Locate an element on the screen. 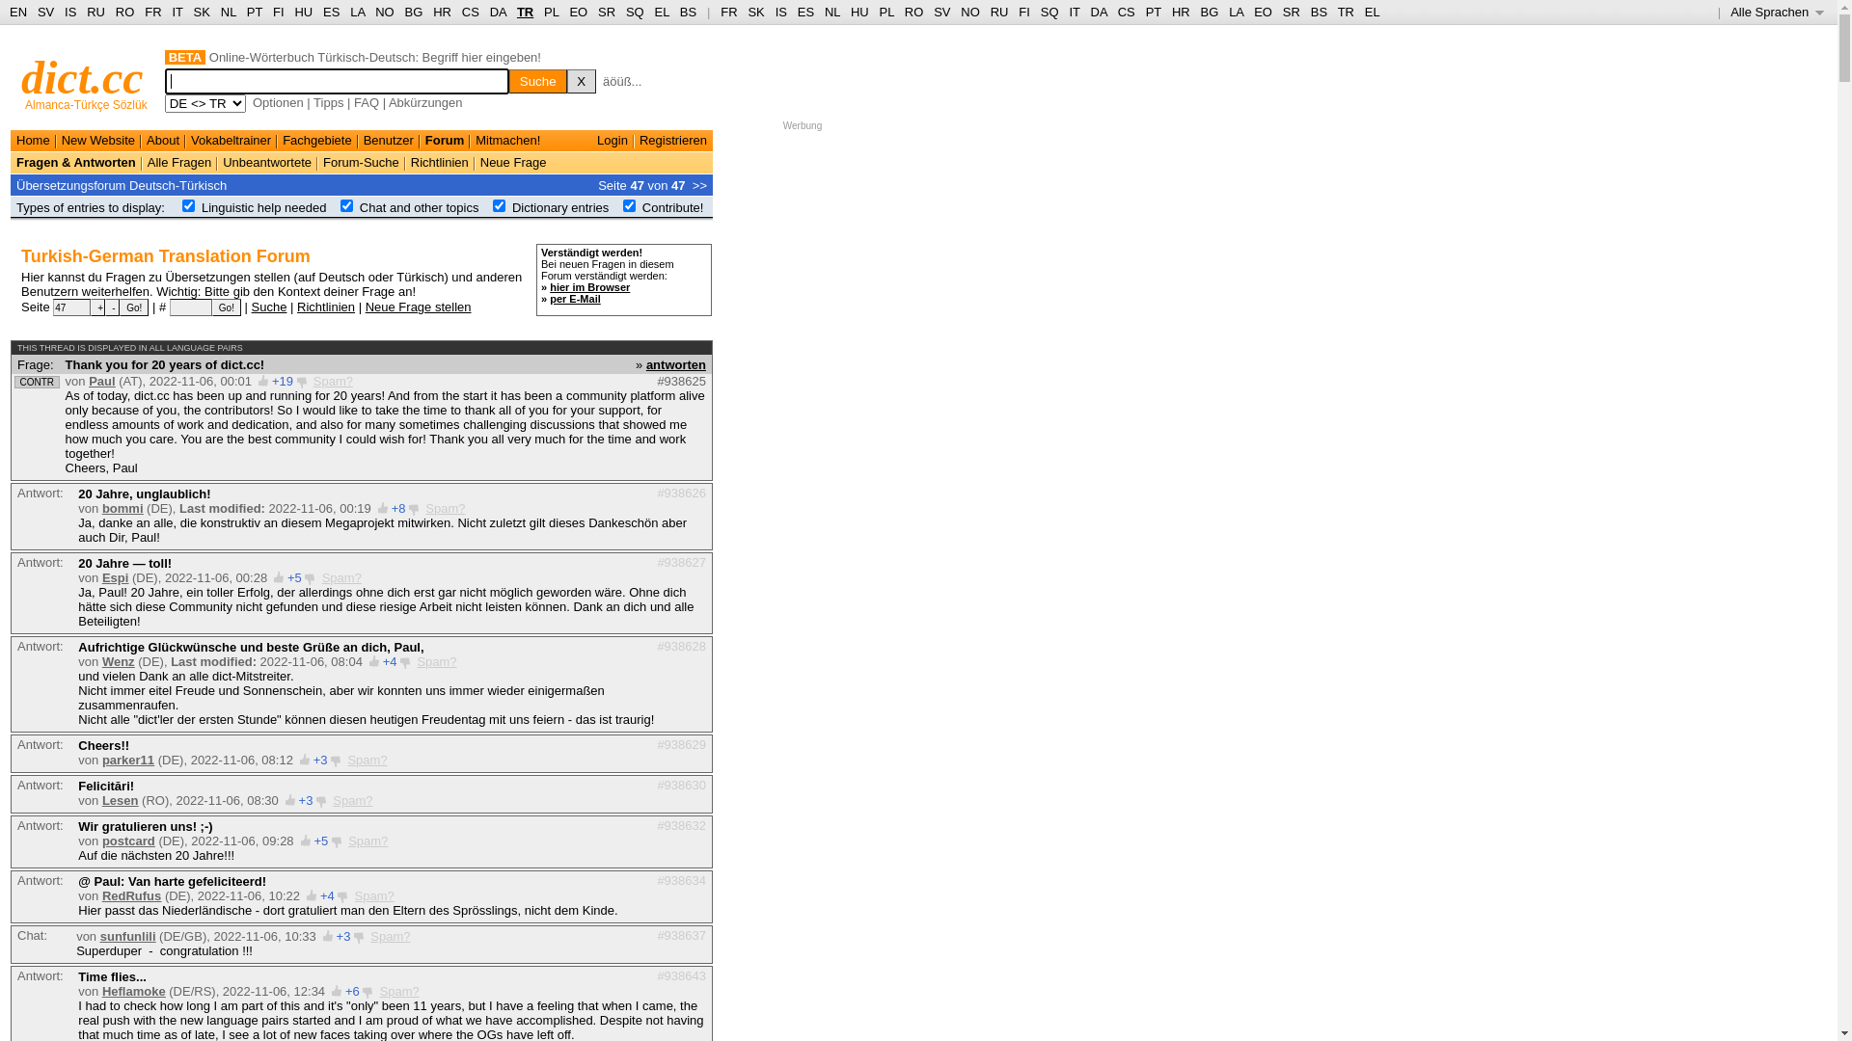  'CS' is located at coordinates (471, 12).